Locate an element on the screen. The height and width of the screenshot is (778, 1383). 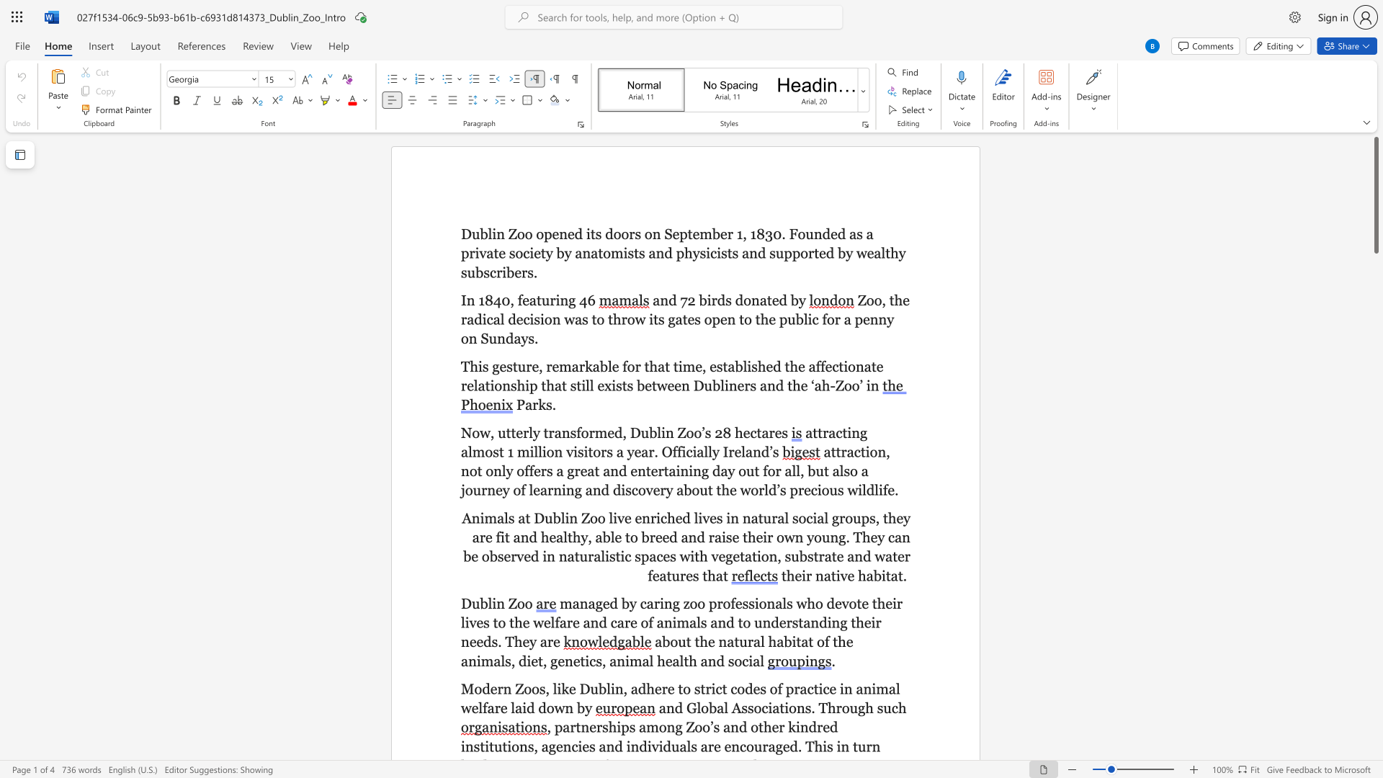
the 1th character "d" in the text is located at coordinates (671, 299).